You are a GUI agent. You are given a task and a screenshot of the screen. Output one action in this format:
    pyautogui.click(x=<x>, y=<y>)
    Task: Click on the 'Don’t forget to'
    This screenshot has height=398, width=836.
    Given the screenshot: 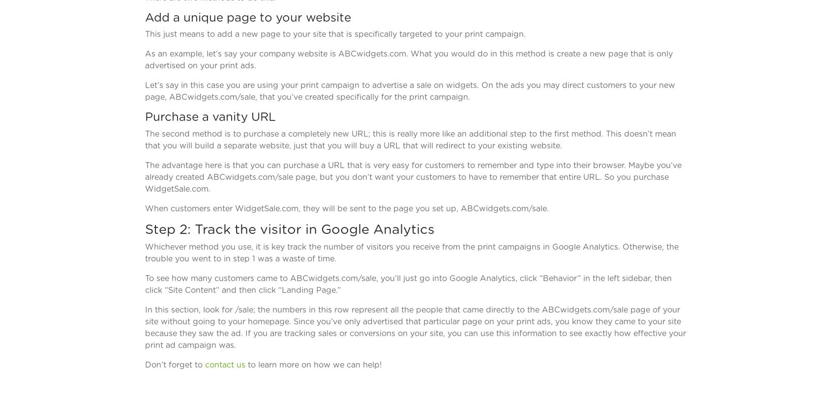 What is the action you would take?
    pyautogui.click(x=145, y=364)
    